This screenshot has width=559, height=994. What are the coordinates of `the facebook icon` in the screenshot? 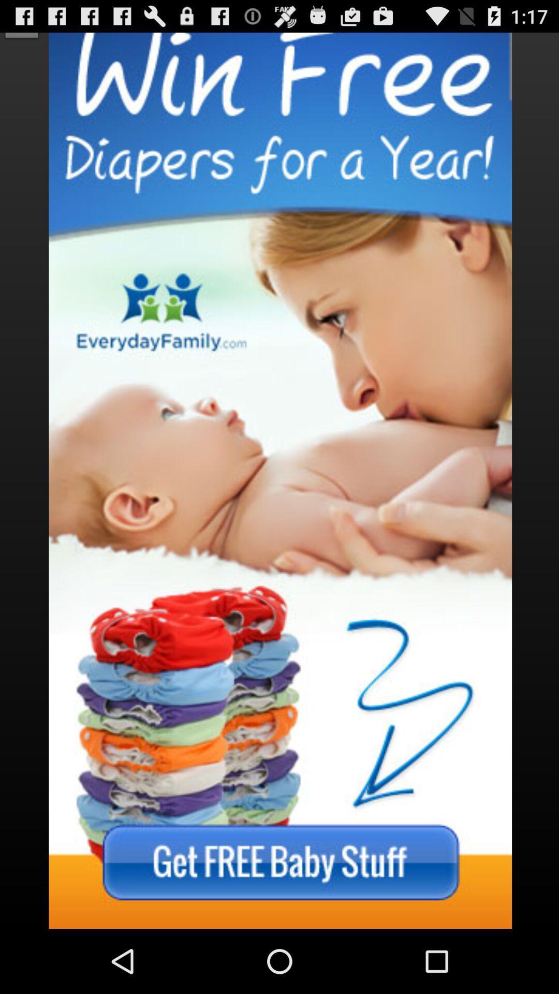 It's located at (22, 23).